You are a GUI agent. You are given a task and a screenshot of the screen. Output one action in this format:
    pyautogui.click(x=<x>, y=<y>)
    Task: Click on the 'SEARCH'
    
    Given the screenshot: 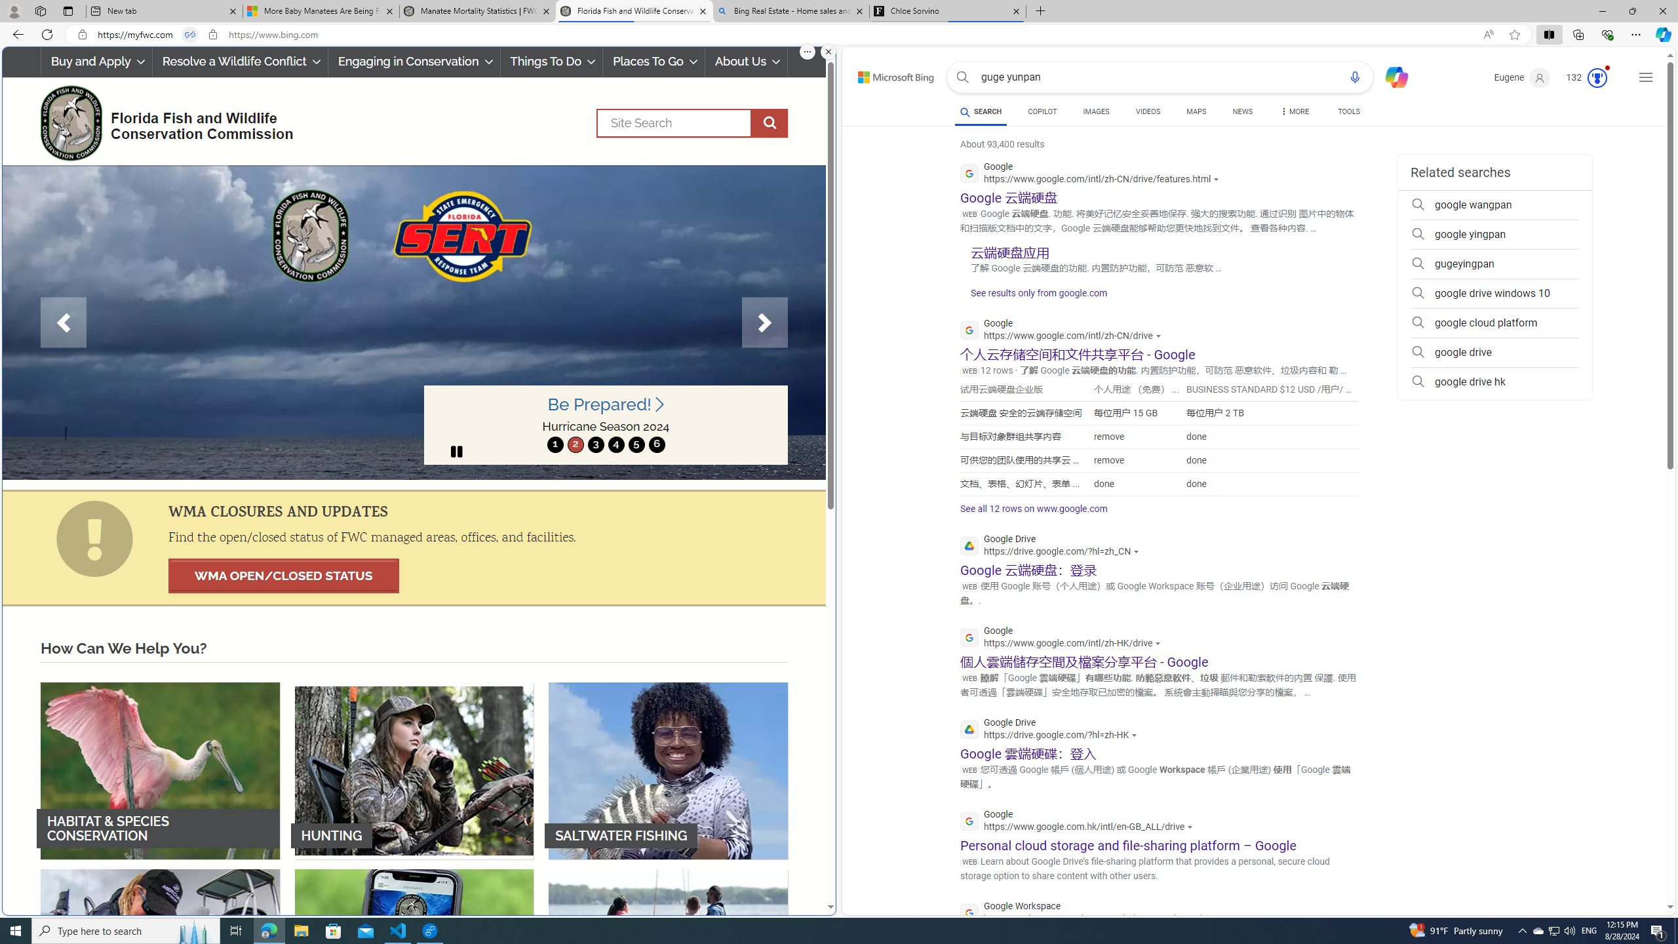 What is the action you would take?
    pyautogui.click(x=981, y=111)
    